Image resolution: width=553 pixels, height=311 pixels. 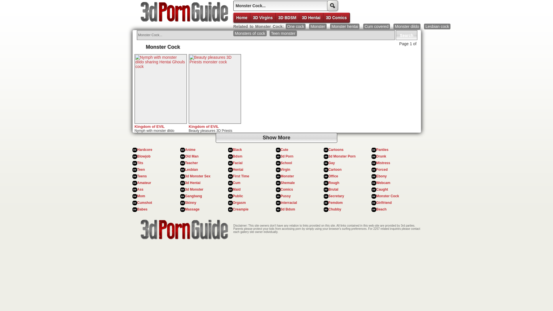 I want to click on 'Blowjob', so click(x=144, y=156).